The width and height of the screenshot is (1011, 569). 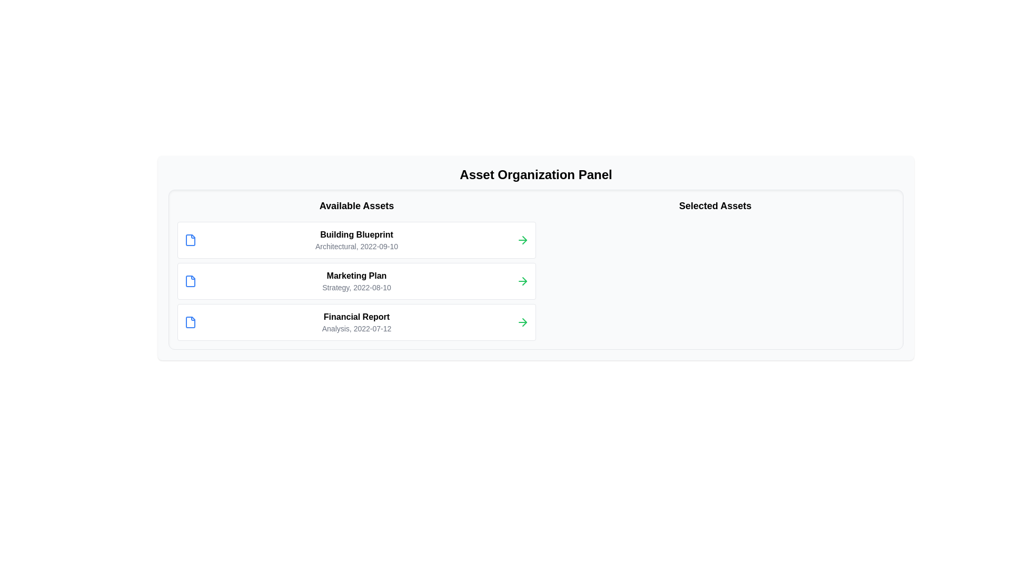 What do you see at coordinates (356, 280) in the screenshot?
I see `the text display that shows 'Marketing Plan' in bold followed by 'Strategy, 2022-08-10' in smaller gray font, located in the 'Available Assets' section as the second card` at bounding box center [356, 280].